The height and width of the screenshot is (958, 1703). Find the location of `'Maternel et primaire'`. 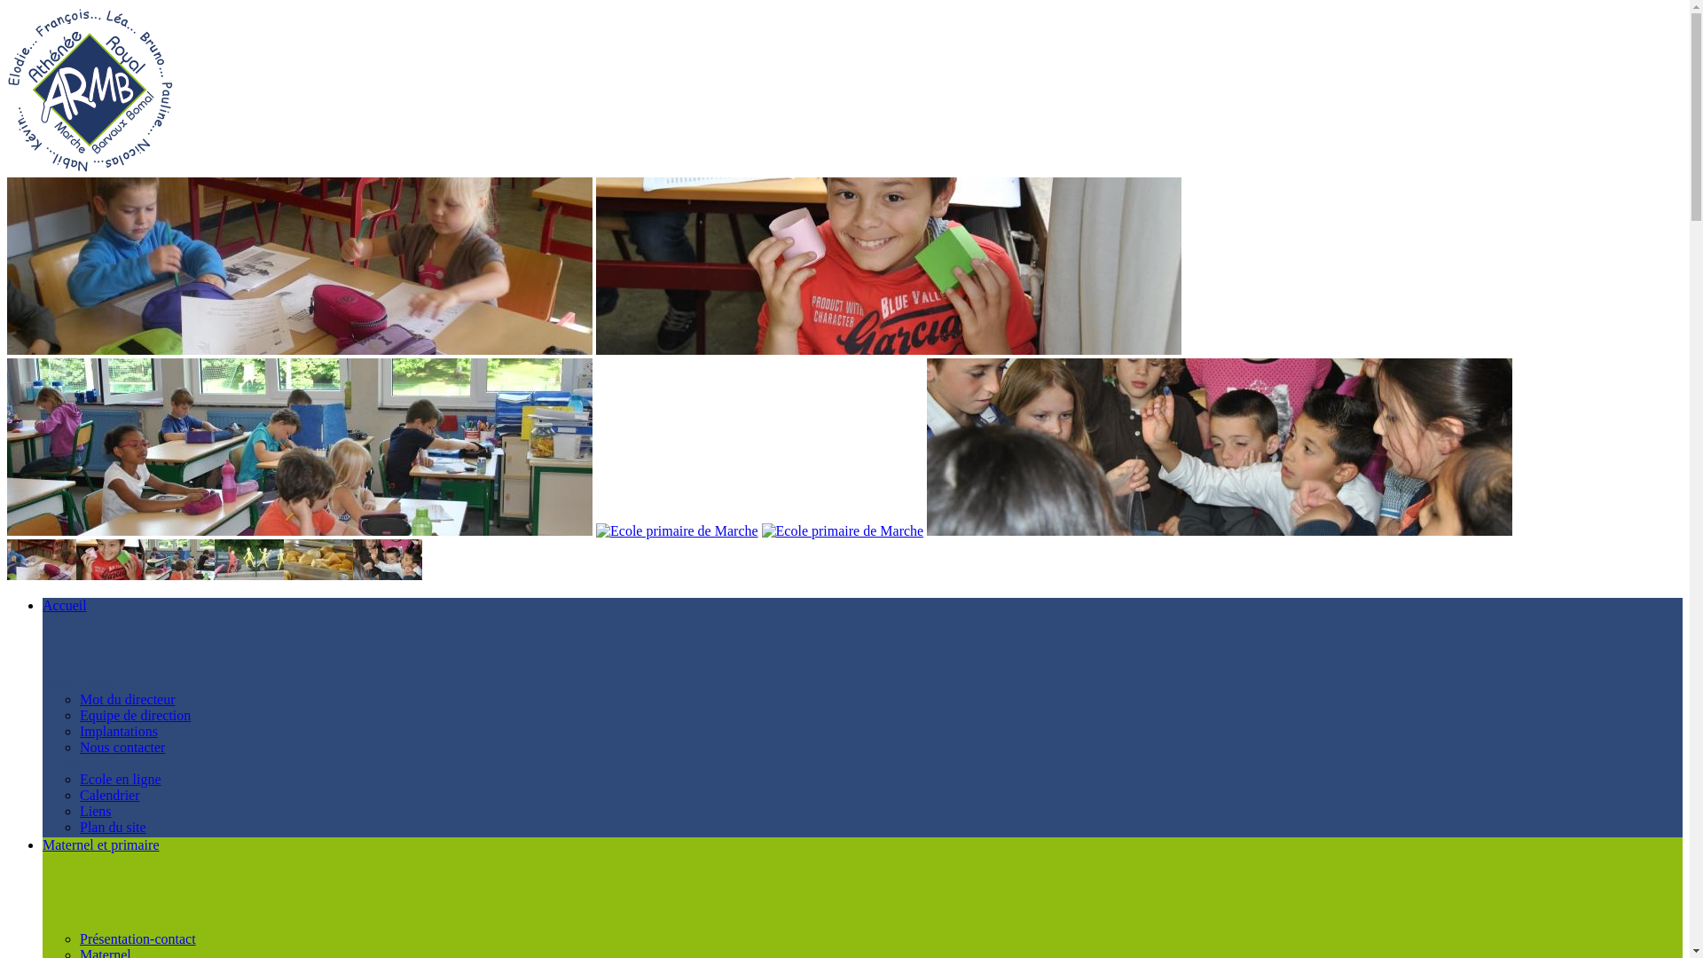

'Maternel et primaire' is located at coordinates (43, 844).